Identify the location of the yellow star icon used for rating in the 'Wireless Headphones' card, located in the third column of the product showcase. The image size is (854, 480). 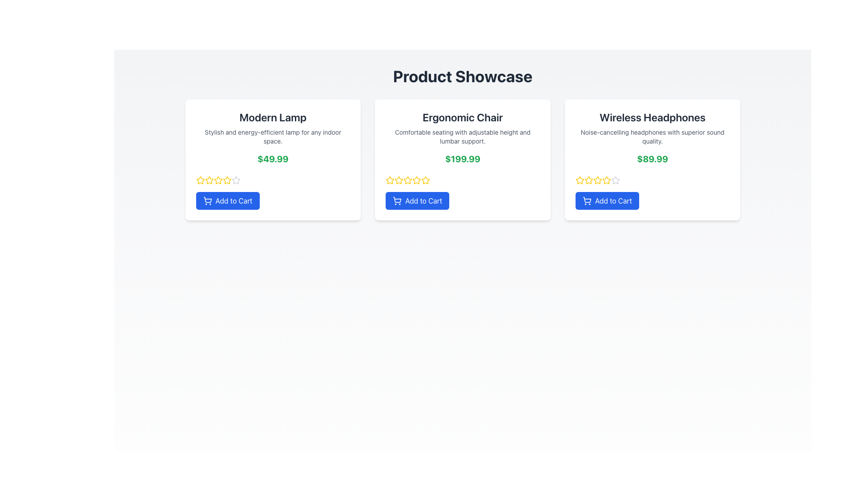
(580, 180).